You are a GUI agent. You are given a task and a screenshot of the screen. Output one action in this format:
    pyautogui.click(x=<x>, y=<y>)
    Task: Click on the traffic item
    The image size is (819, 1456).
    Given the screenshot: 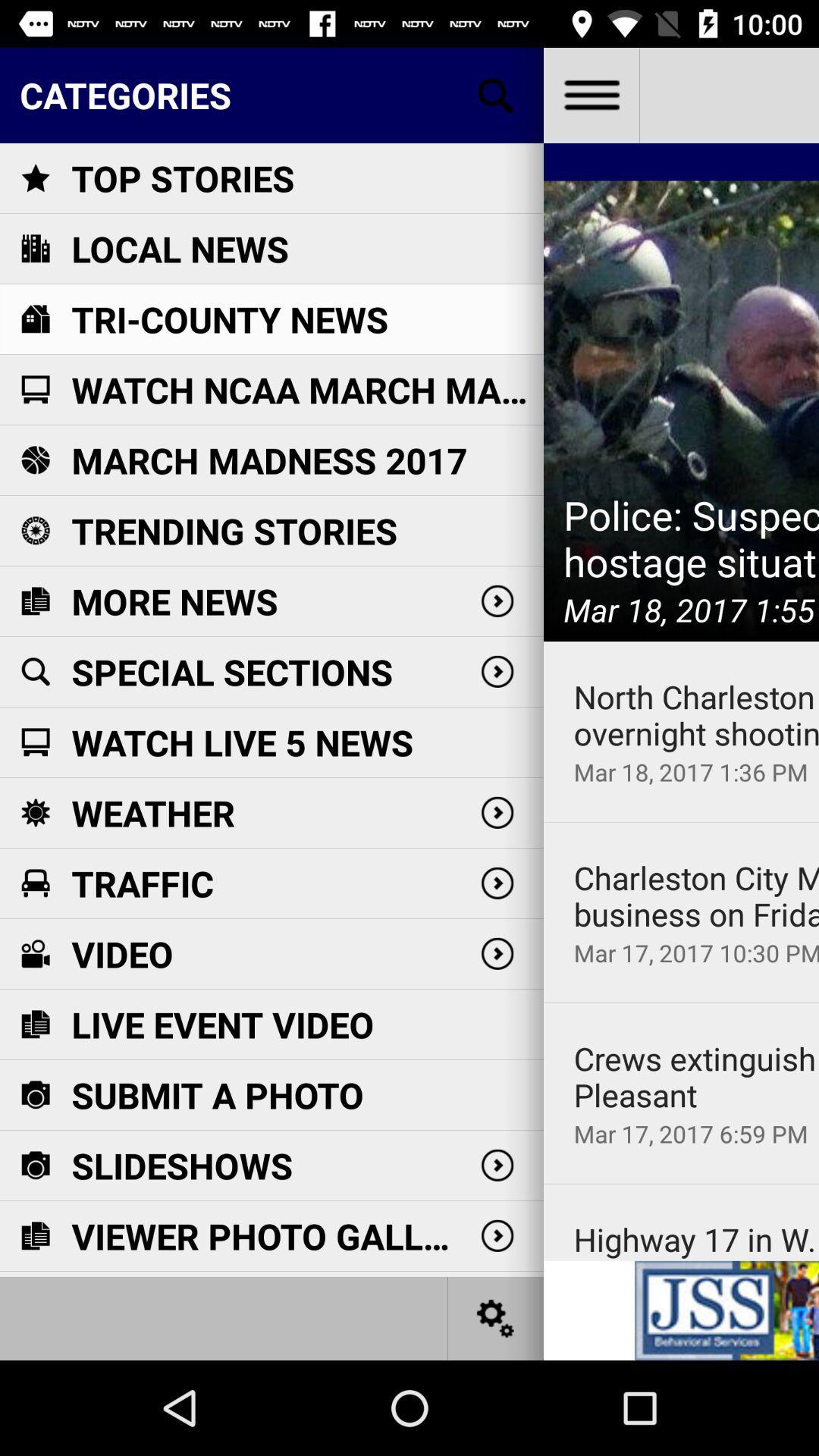 What is the action you would take?
    pyautogui.click(x=143, y=883)
    